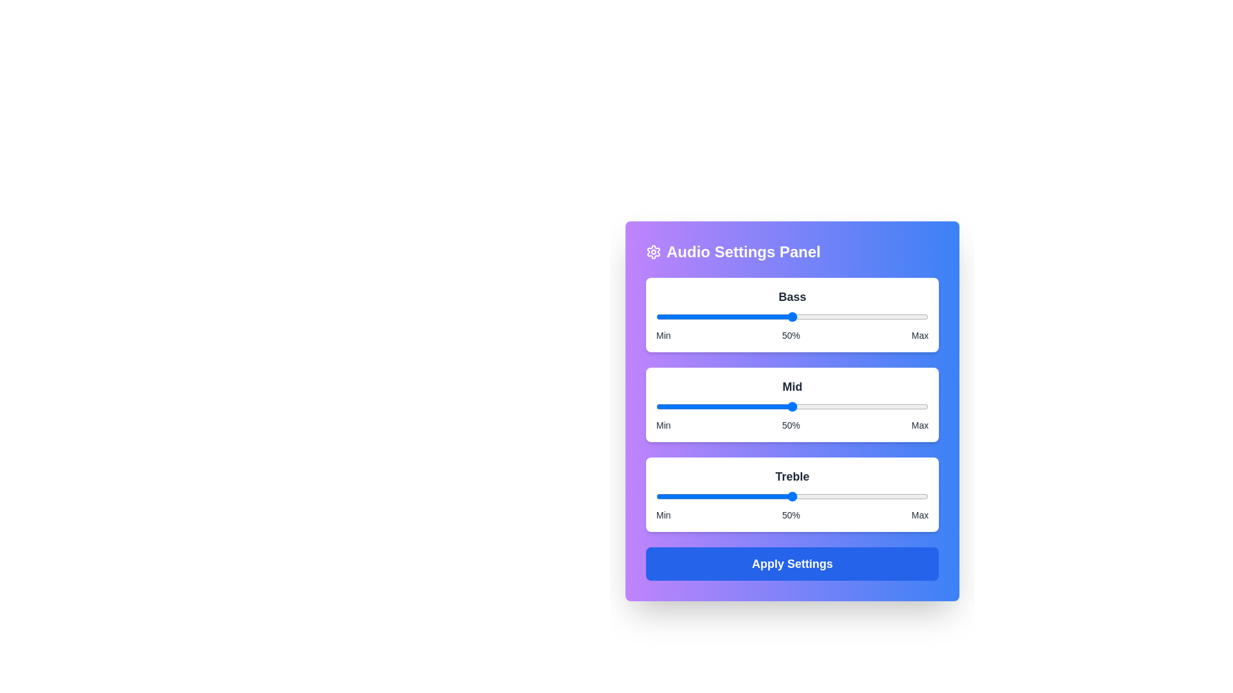 This screenshot has height=693, width=1233. I want to click on the bass level, so click(805, 316).